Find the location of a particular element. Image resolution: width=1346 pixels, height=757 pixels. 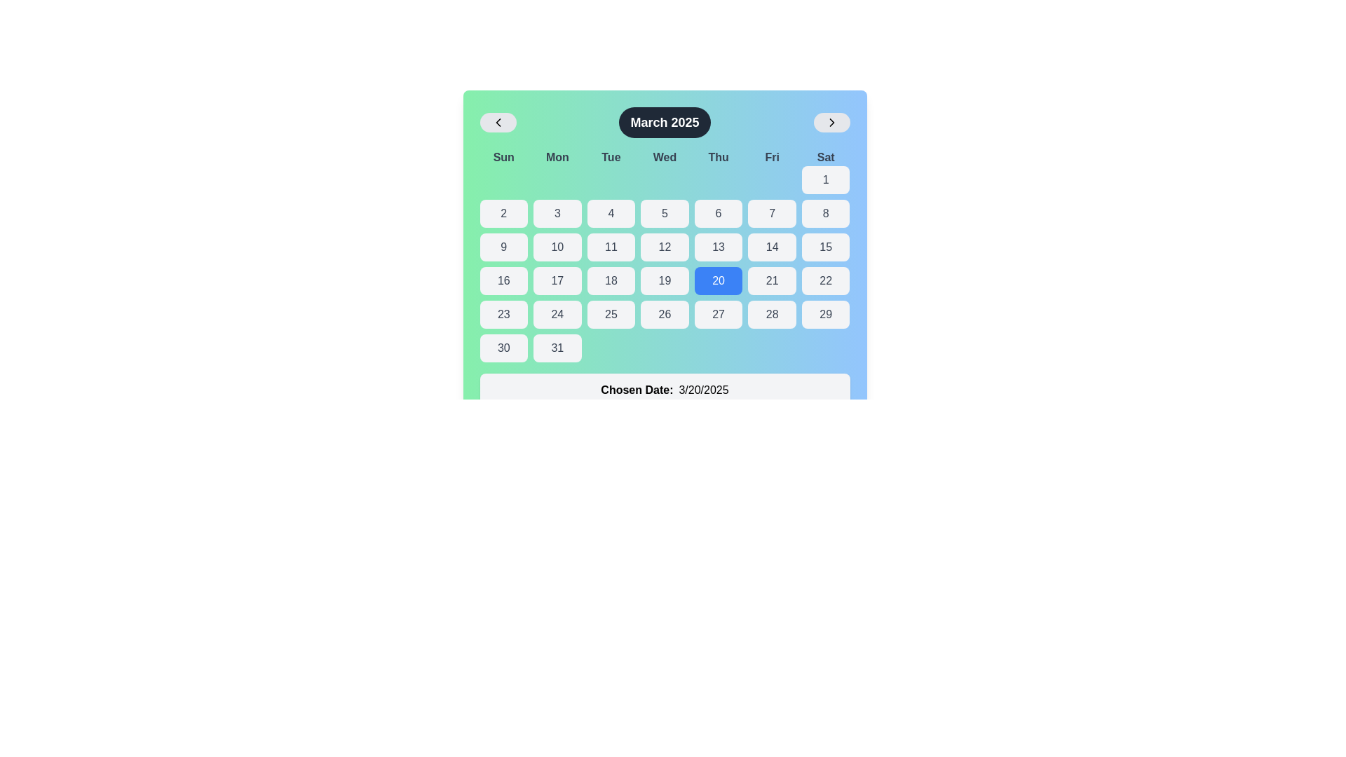

the button representing the day '14' is located at coordinates (771, 247).